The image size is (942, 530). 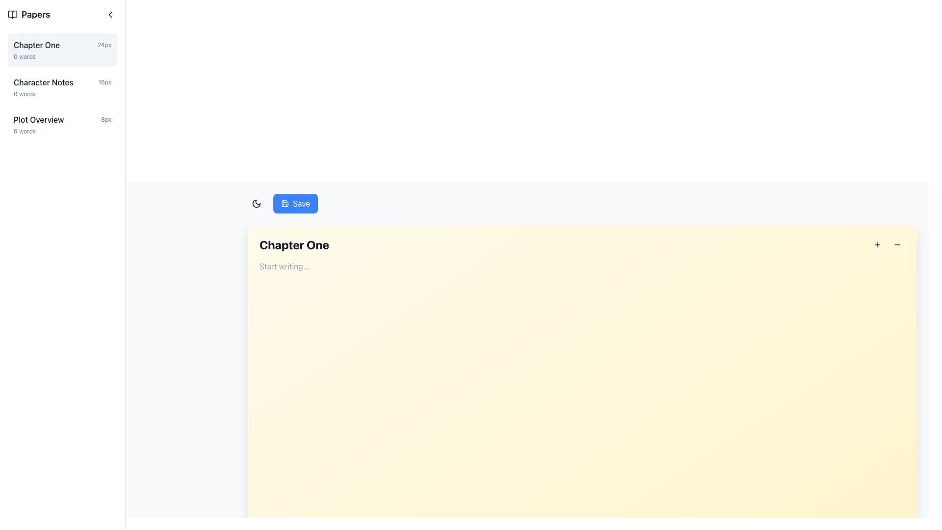 I want to click on the icon that visually reinforces the saving action, located slightly to the right of the center of the 'Save' button near the top of the main interface, so click(x=284, y=203).